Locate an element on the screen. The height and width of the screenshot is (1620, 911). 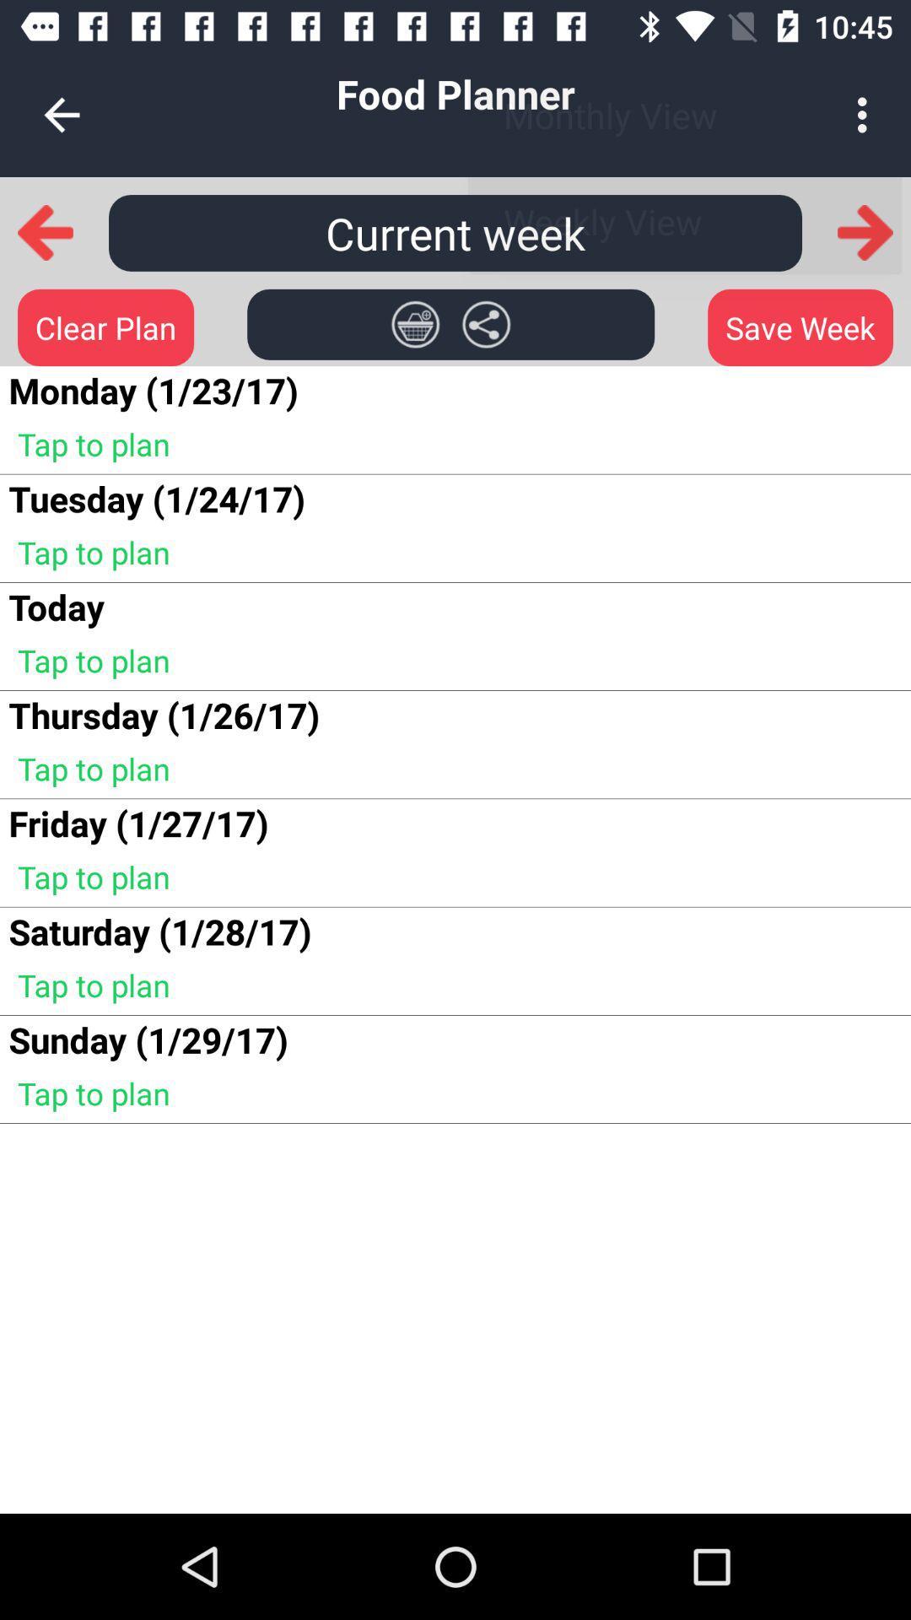
next option is located at coordinates (865, 231).